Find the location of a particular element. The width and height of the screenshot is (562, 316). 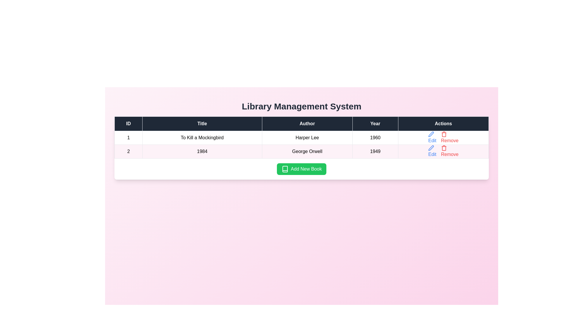

the 'Remove' icon located in the 'Actions' column of the second row in the table, next to the 'Edit' icon and to the right of the book title '1984' by George Orwell is located at coordinates (444, 147).